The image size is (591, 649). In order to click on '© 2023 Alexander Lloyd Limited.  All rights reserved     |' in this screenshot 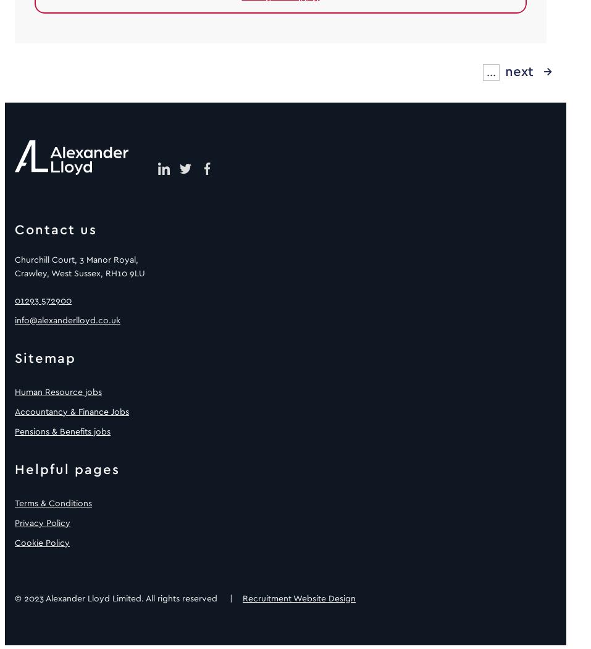, I will do `click(128, 597)`.